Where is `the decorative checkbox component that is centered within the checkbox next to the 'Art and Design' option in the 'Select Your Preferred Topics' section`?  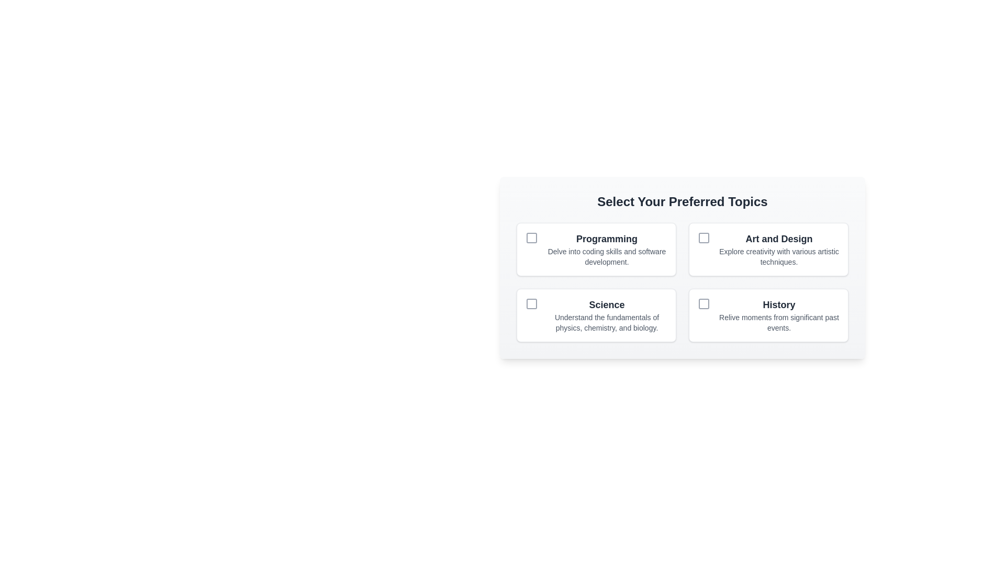 the decorative checkbox component that is centered within the checkbox next to the 'Art and Design' option in the 'Select Your Preferred Topics' section is located at coordinates (703, 238).